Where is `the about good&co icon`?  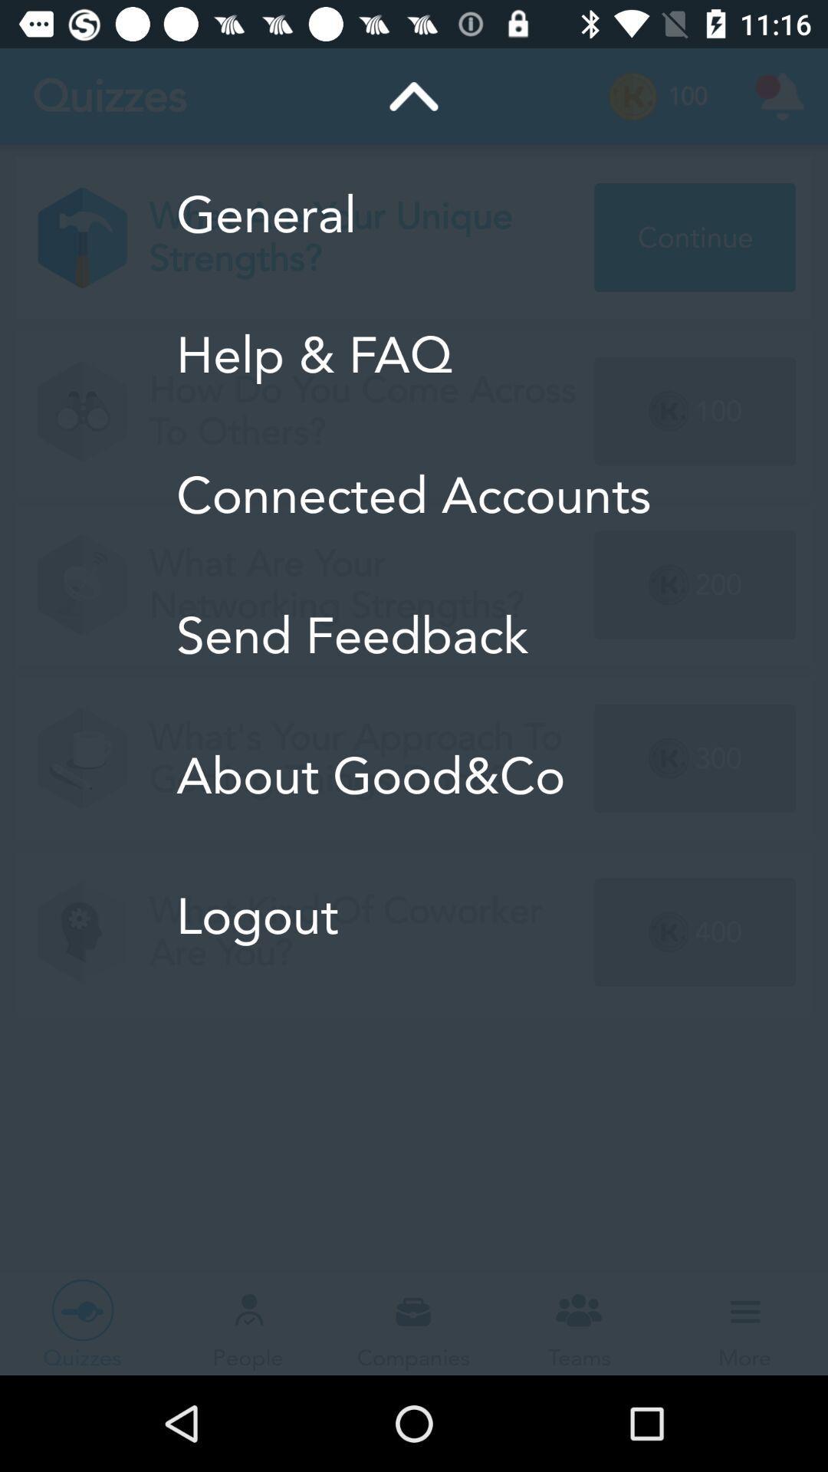
the about good&co icon is located at coordinates (412, 776).